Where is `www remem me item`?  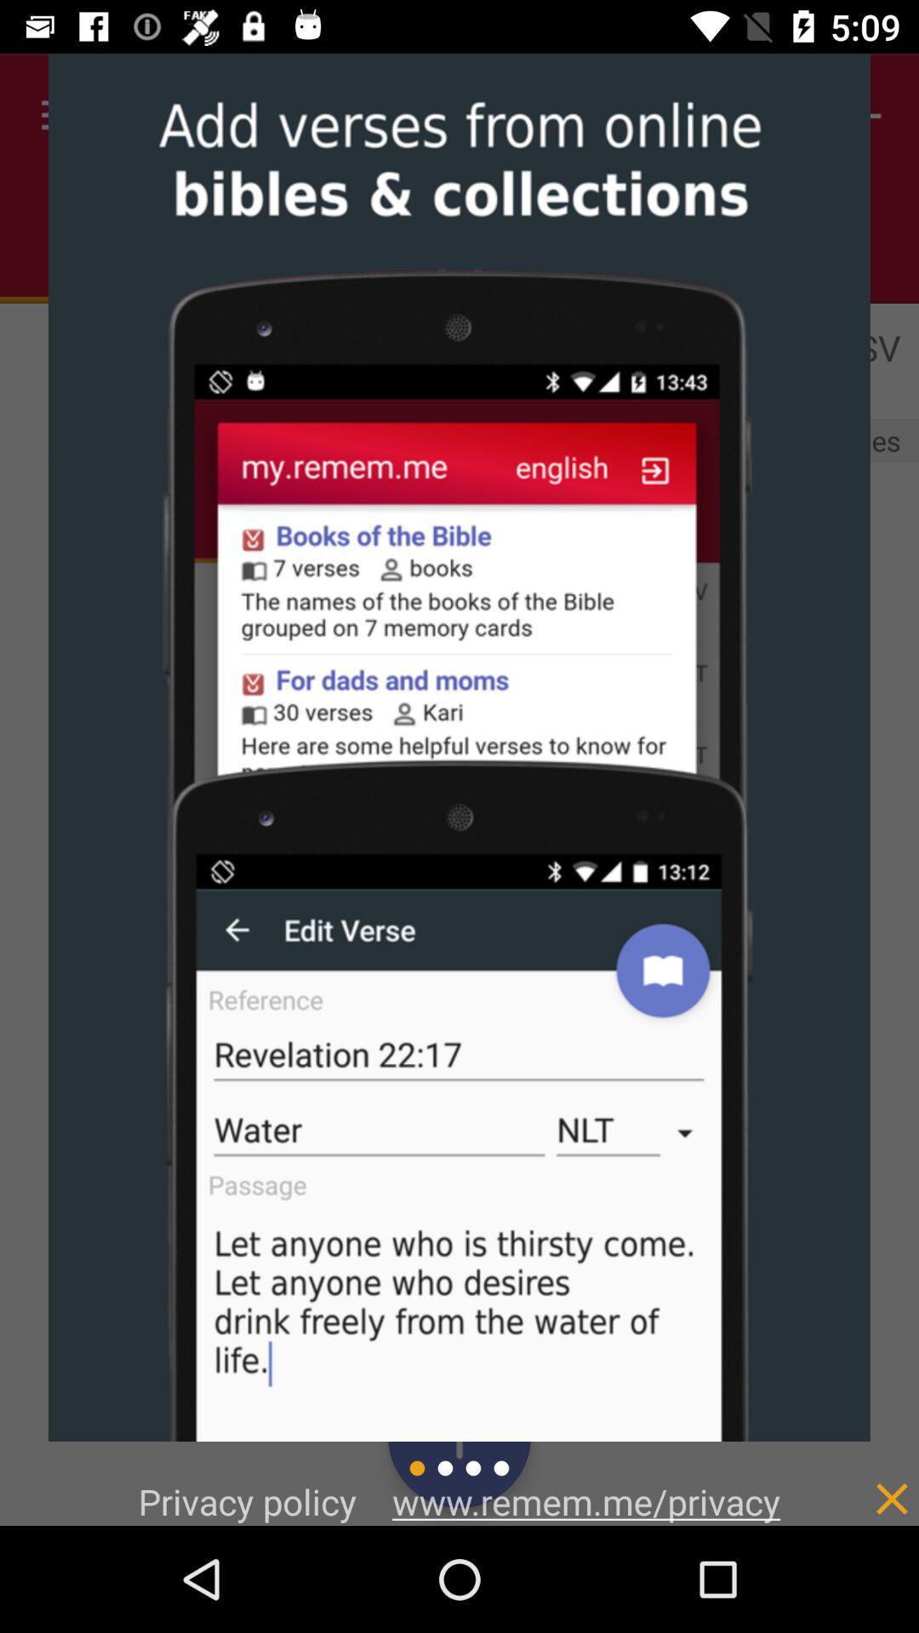
www remem me item is located at coordinates (585, 1501).